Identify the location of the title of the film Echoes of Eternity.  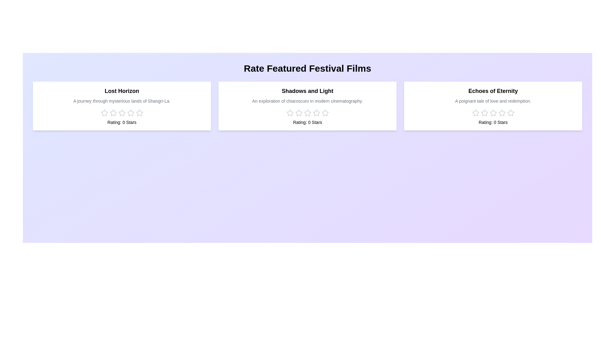
(493, 91).